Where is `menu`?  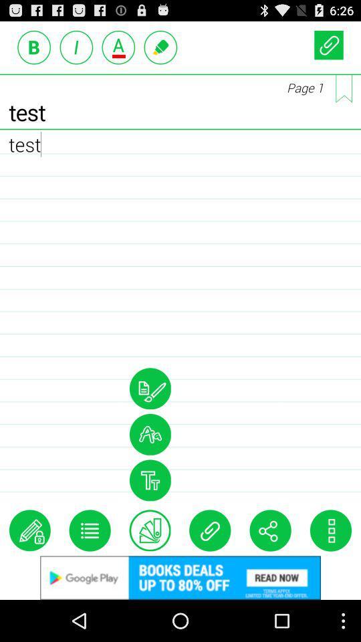 menu is located at coordinates (90, 530).